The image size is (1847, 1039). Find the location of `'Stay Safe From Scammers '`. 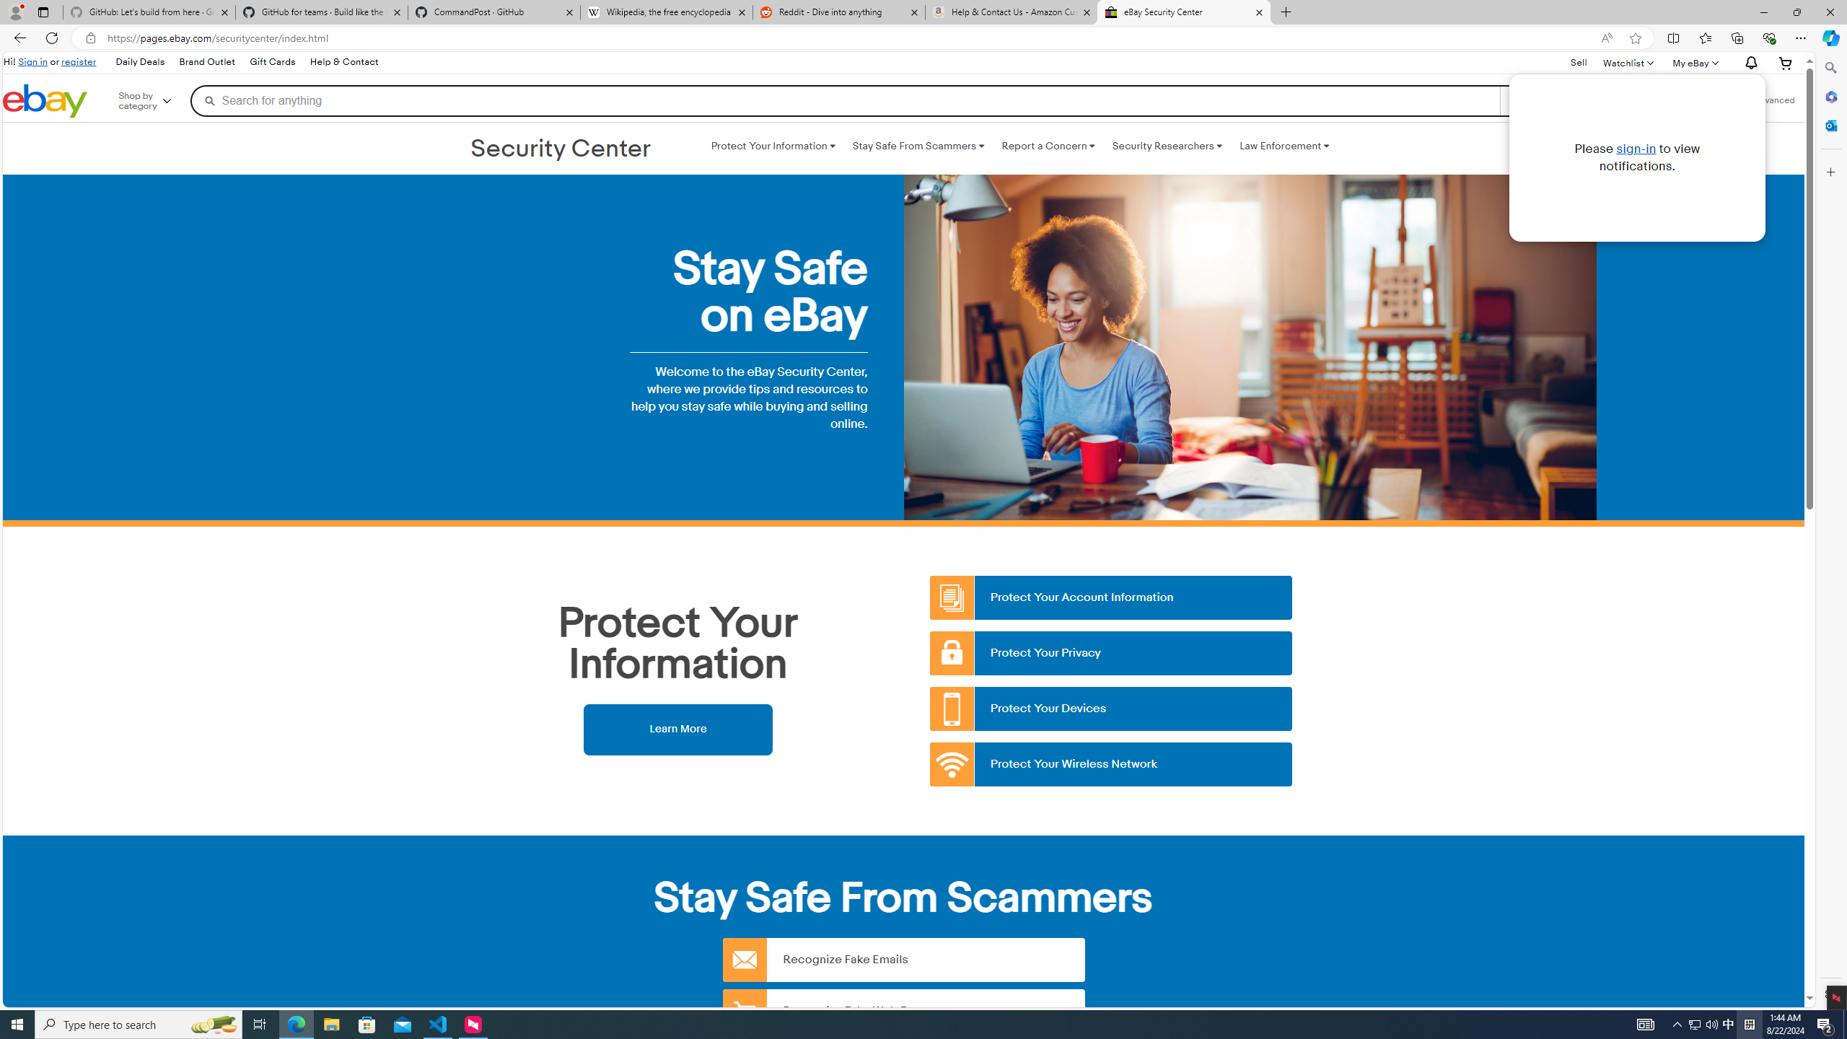

'Stay Safe From Scammers ' is located at coordinates (917, 146).